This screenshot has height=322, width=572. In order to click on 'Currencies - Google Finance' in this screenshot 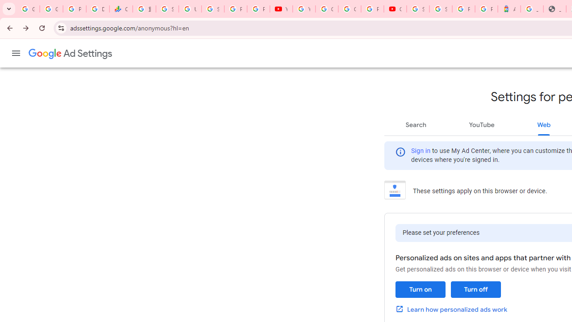, I will do `click(120, 9)`.